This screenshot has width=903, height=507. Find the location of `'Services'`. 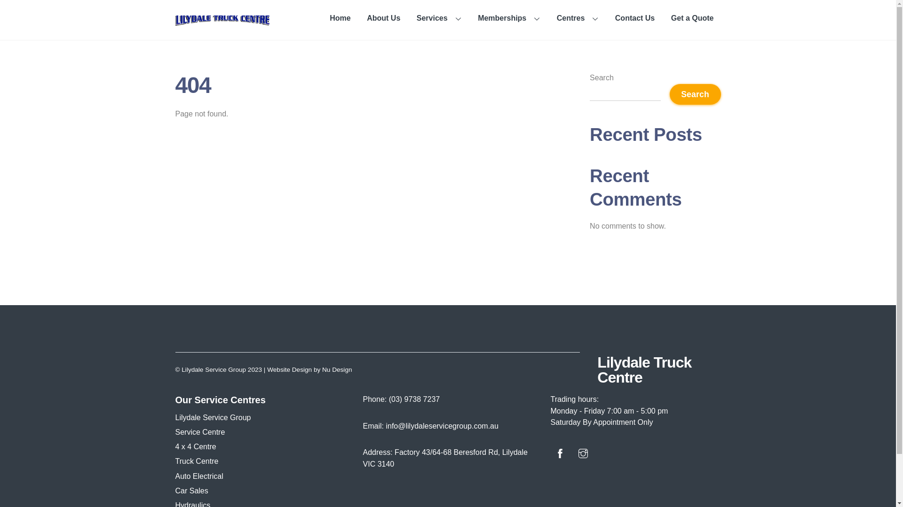

'Services' is located at coordinates (439, 18).